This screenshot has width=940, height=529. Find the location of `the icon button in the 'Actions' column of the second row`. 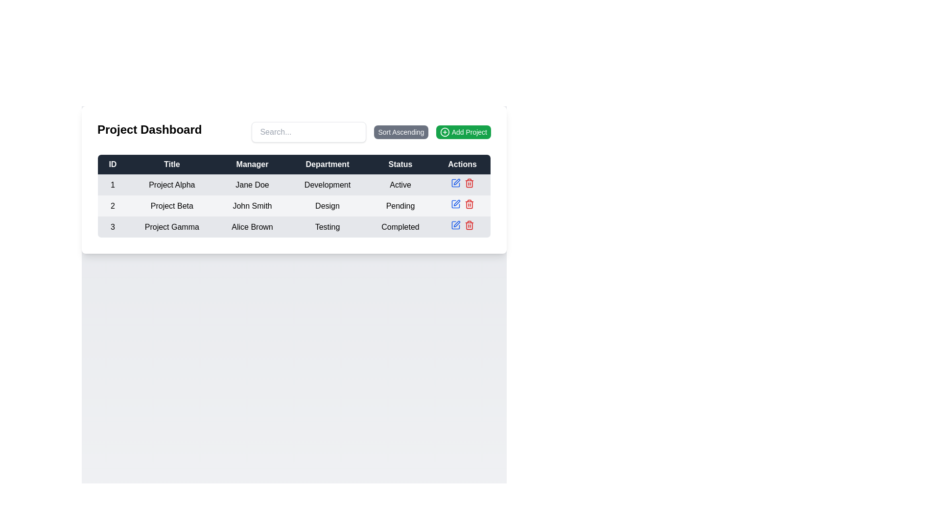

the icon button in the 'Actions' column of the second row is located at coordinates (456, 202).